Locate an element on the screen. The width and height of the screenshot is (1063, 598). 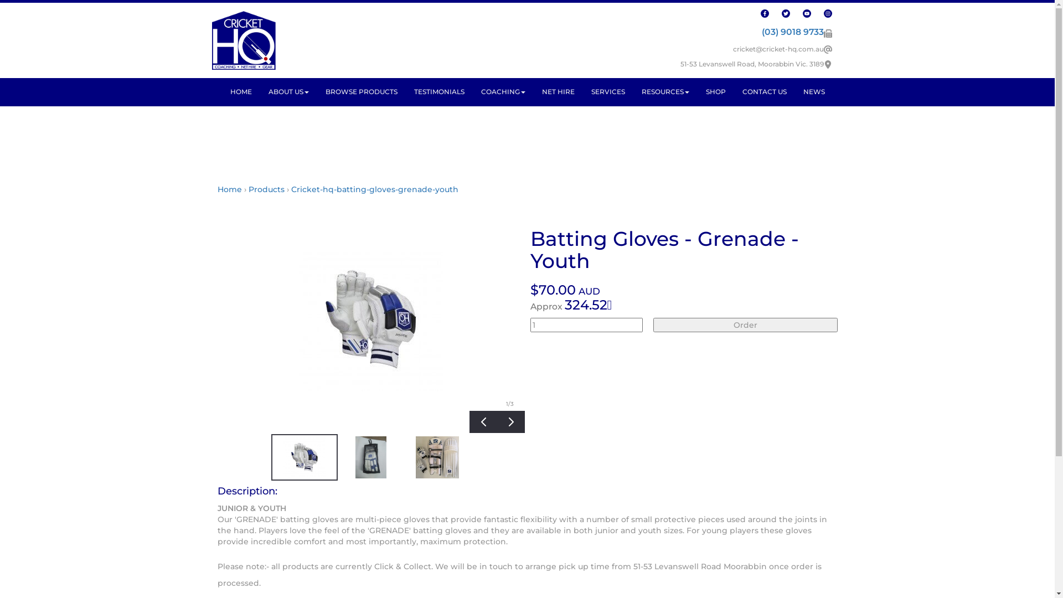
'cricket@cricket-hq.com.au' is located at coordinates (778, 48).